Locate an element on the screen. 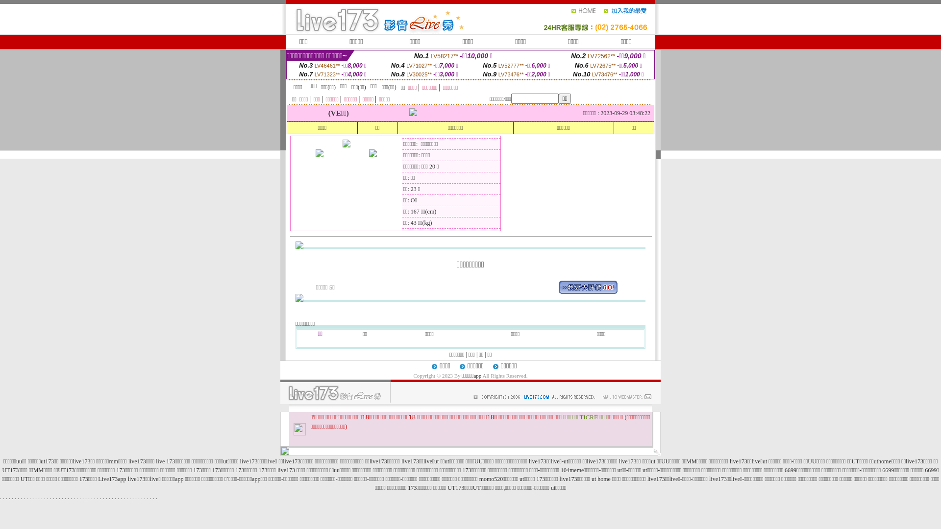 This screenshot has height=529, width=941. '.' is located at coordinates (35, 497).